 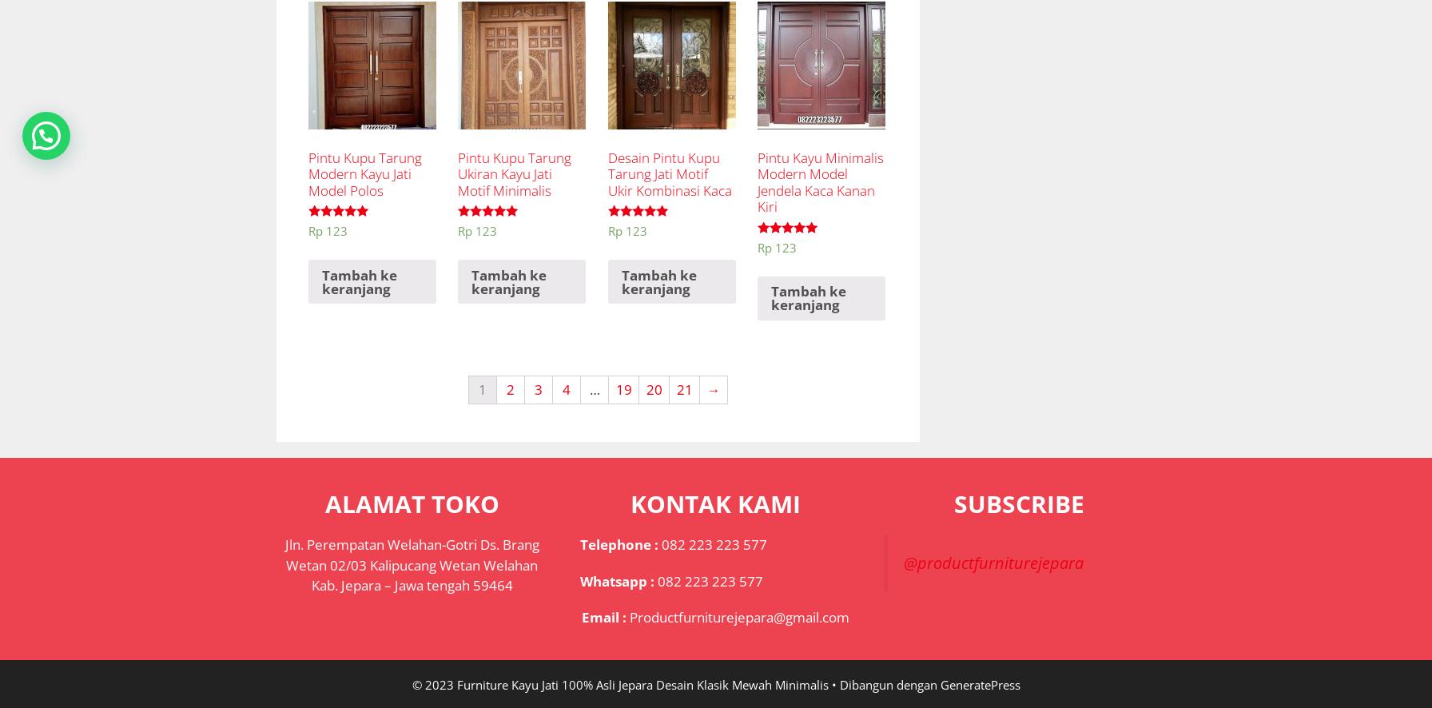 What do you see at coordinates (619, 682) in the screenshot?
I see `'© 2023 Furniture Kayu Jati 100% Asli Jepara Desain Klasik Mewah Minimalis'` at bounding box center [619, 682].